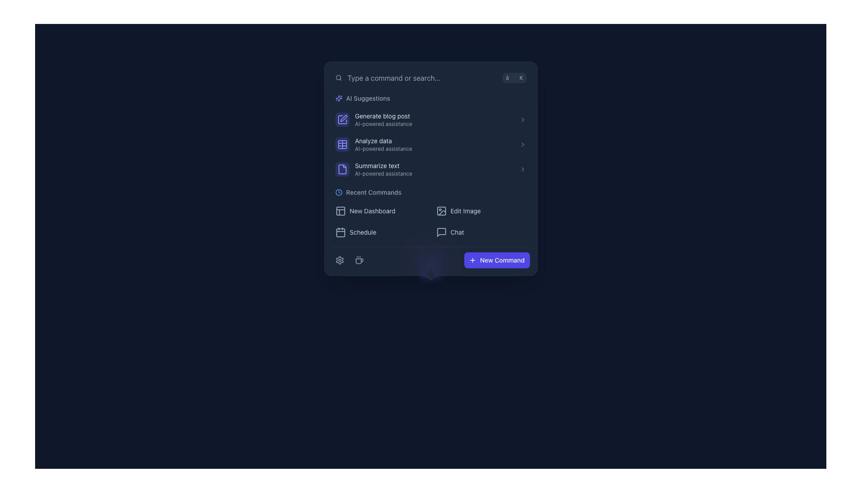 This screenshot has height=479, width=853. Describe the element at coordinates (339, 259) in the screenshot. I see `the gear-shaped icon button representing settings, located in the bottom-left region of the dialog box` at that location.